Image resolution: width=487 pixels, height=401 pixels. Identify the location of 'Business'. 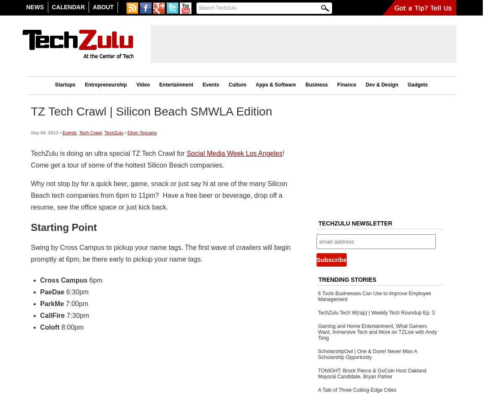
(316, 84).